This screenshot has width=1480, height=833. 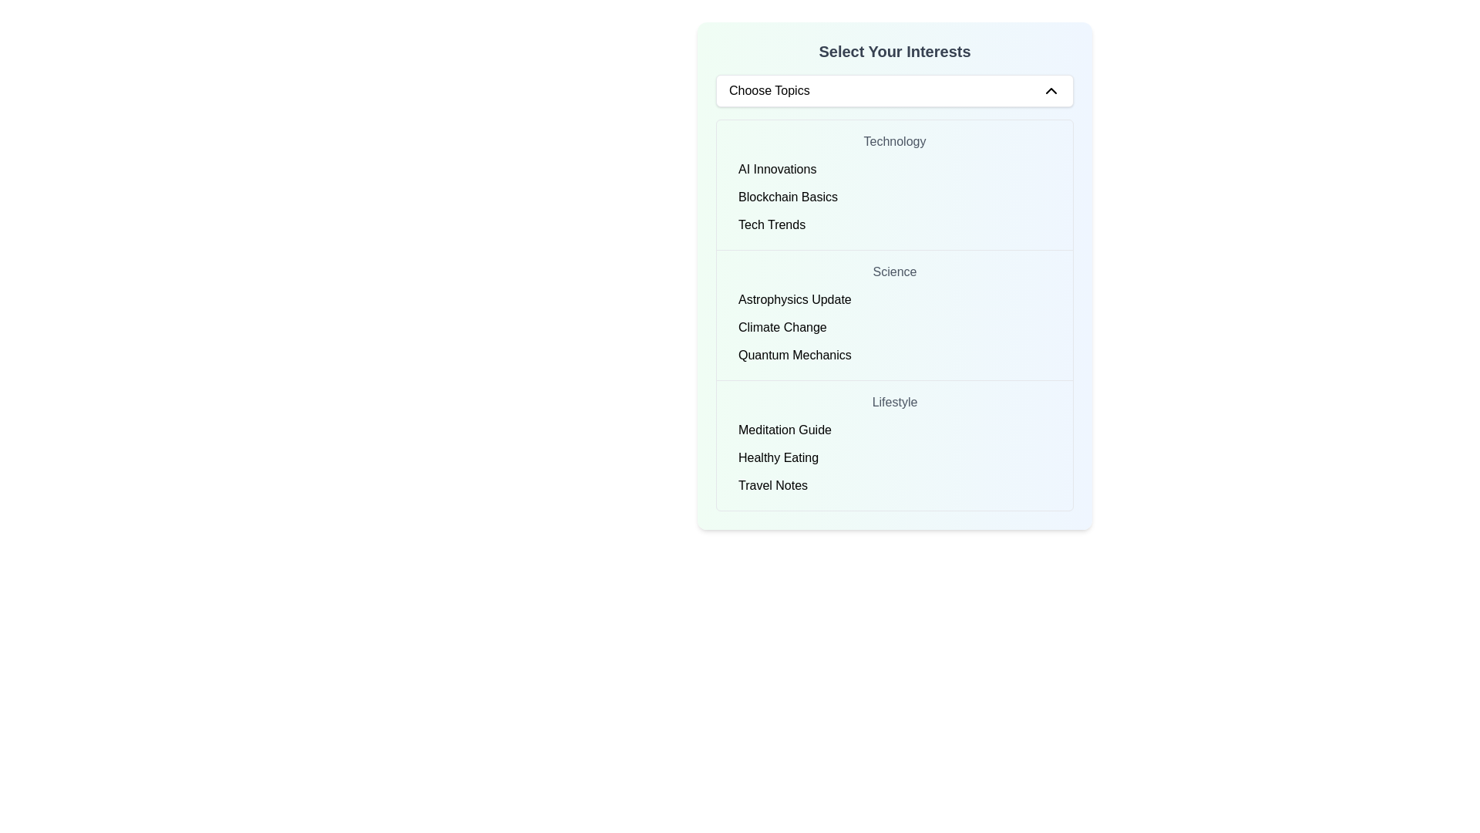 I want to click on the 'Science' category options group, which includes 'Astrophysics Update,' 'Climate Change,' and 'Quantum Mechanics', so click(x=895, y=326).